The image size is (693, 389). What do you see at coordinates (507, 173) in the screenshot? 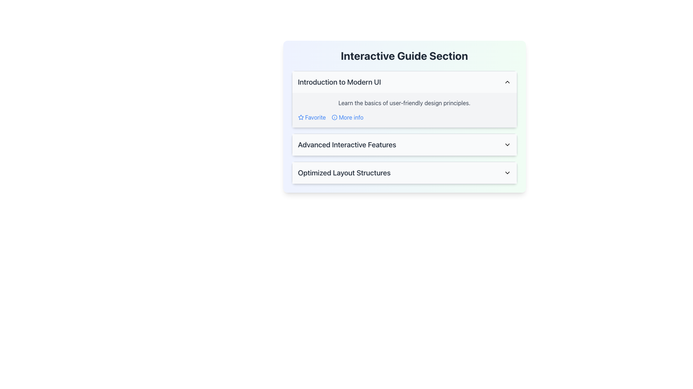
I see `the icon on the far right of the 'Optimized Layout Structures' header bar` at bounding box center [507, 173].